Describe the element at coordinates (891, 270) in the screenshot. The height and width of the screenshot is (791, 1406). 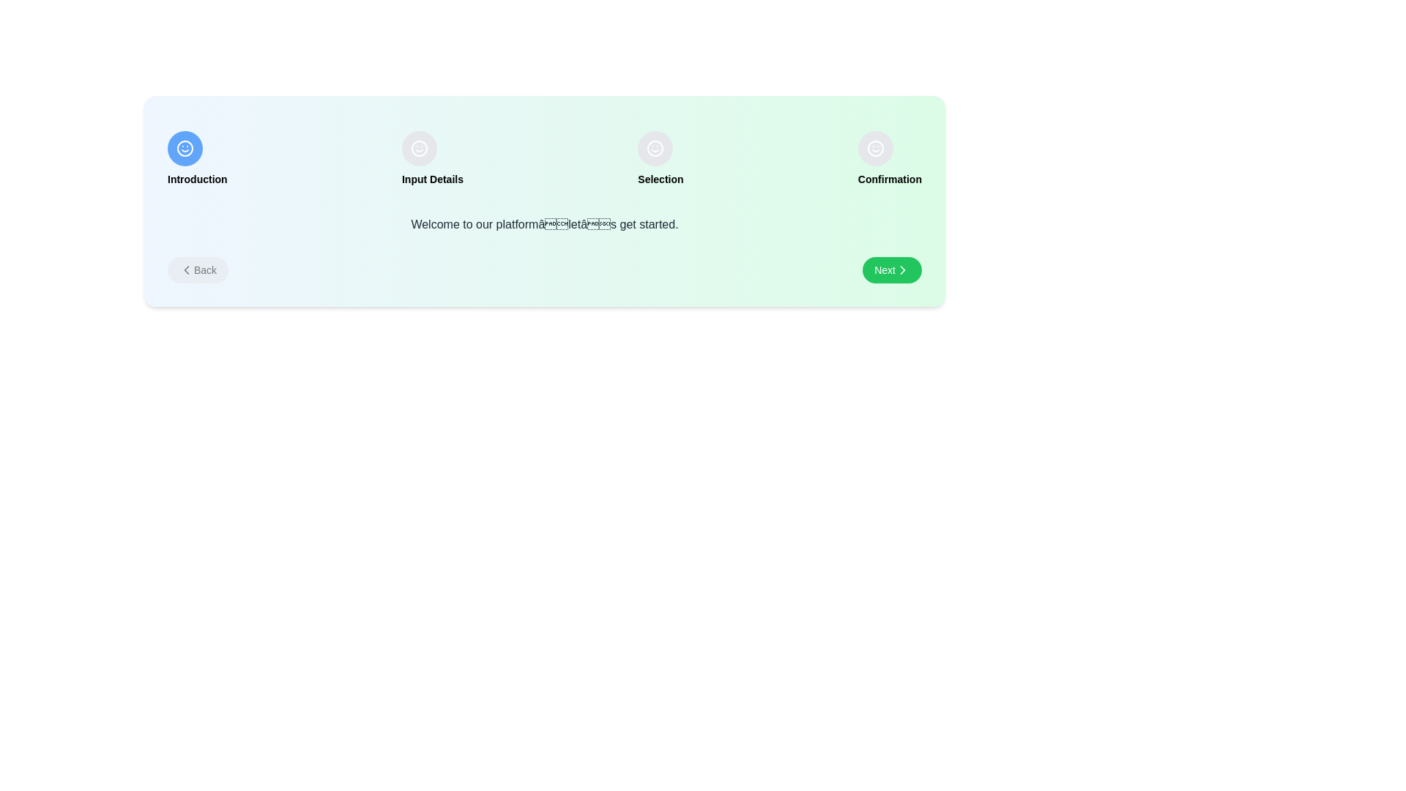
I see `'Next' button to proceed to the next step in the onboarding process` at that location.